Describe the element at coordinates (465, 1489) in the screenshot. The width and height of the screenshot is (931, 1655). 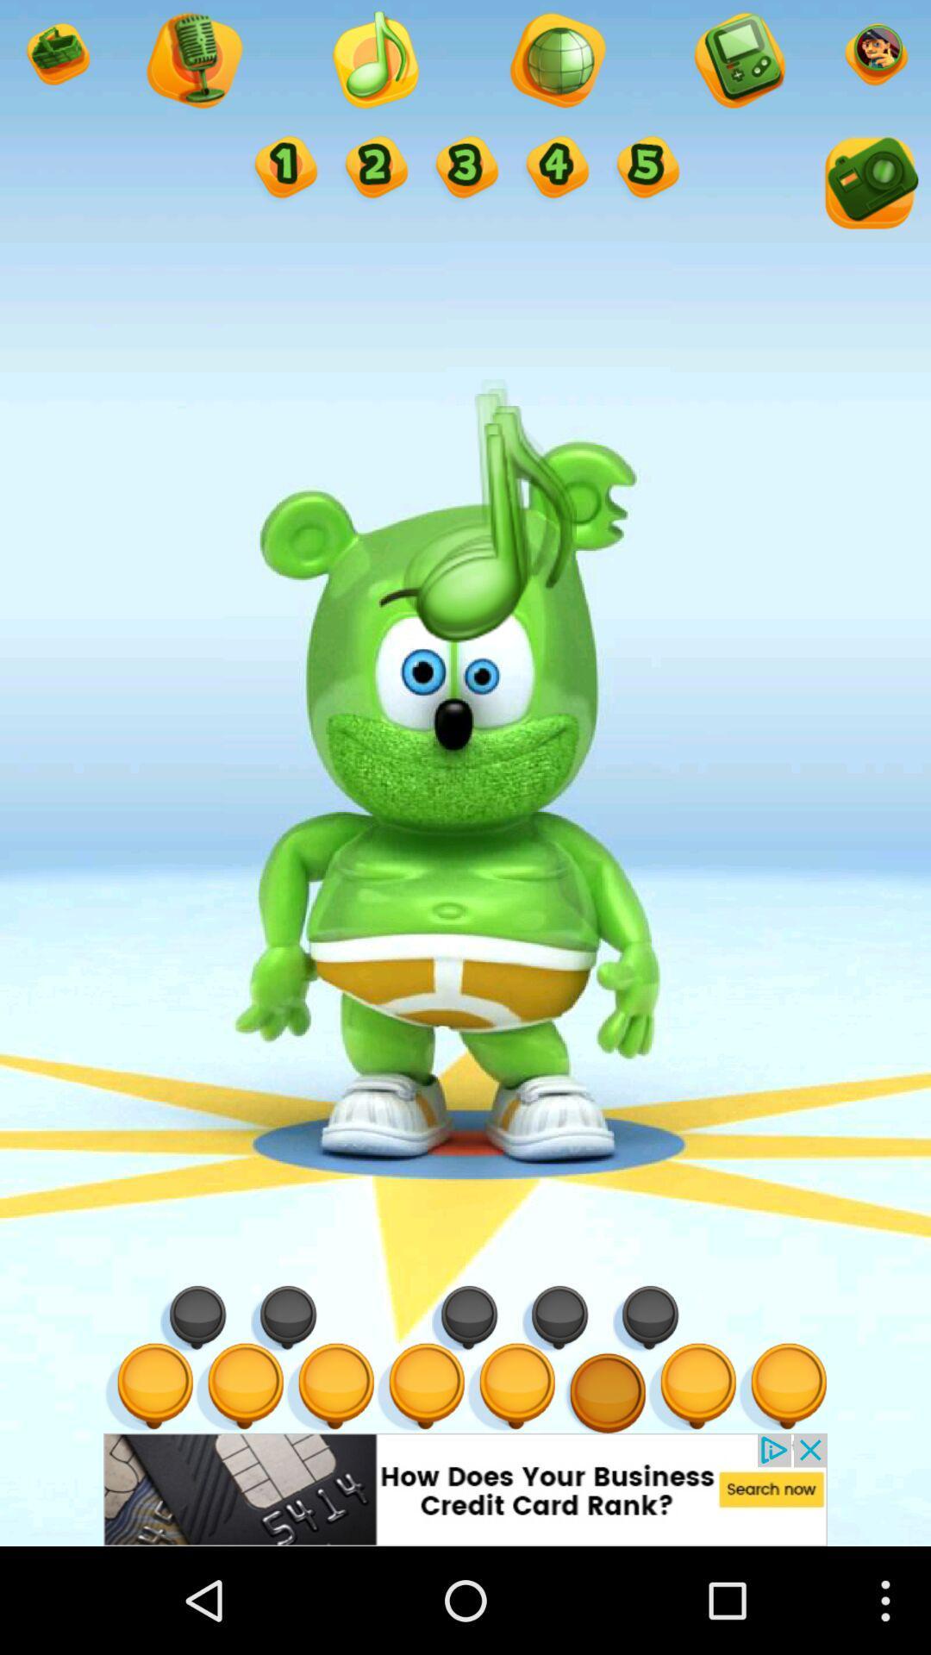
I see `google advertisements banner` at that location.